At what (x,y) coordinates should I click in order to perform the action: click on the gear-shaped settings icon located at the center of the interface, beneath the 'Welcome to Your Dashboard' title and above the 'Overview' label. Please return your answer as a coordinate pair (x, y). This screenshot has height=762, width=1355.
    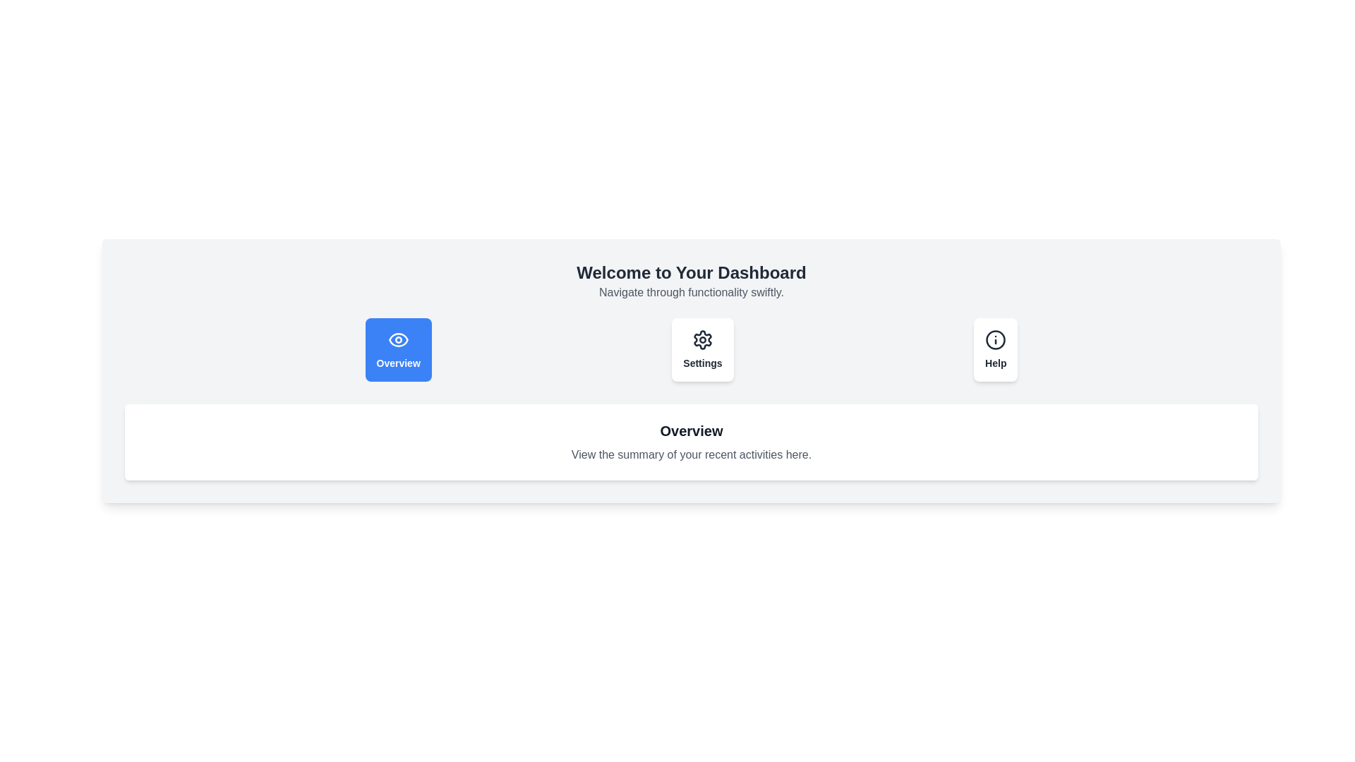
    Looking at the image, I should click on (702, 340).